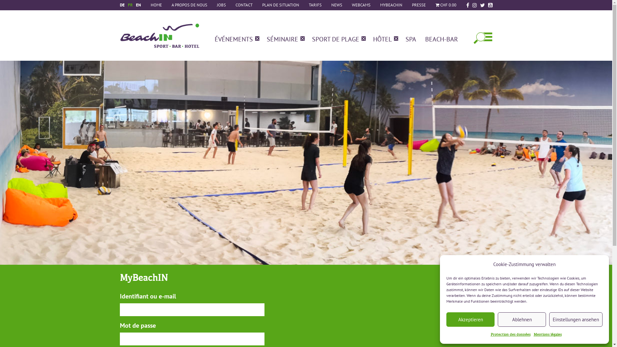 This screenshot has width=617, height=347. What do you see at coordinates (244, 5) in the screenshot?
I see `'CONTACT'` at bounding box center [244, 5].